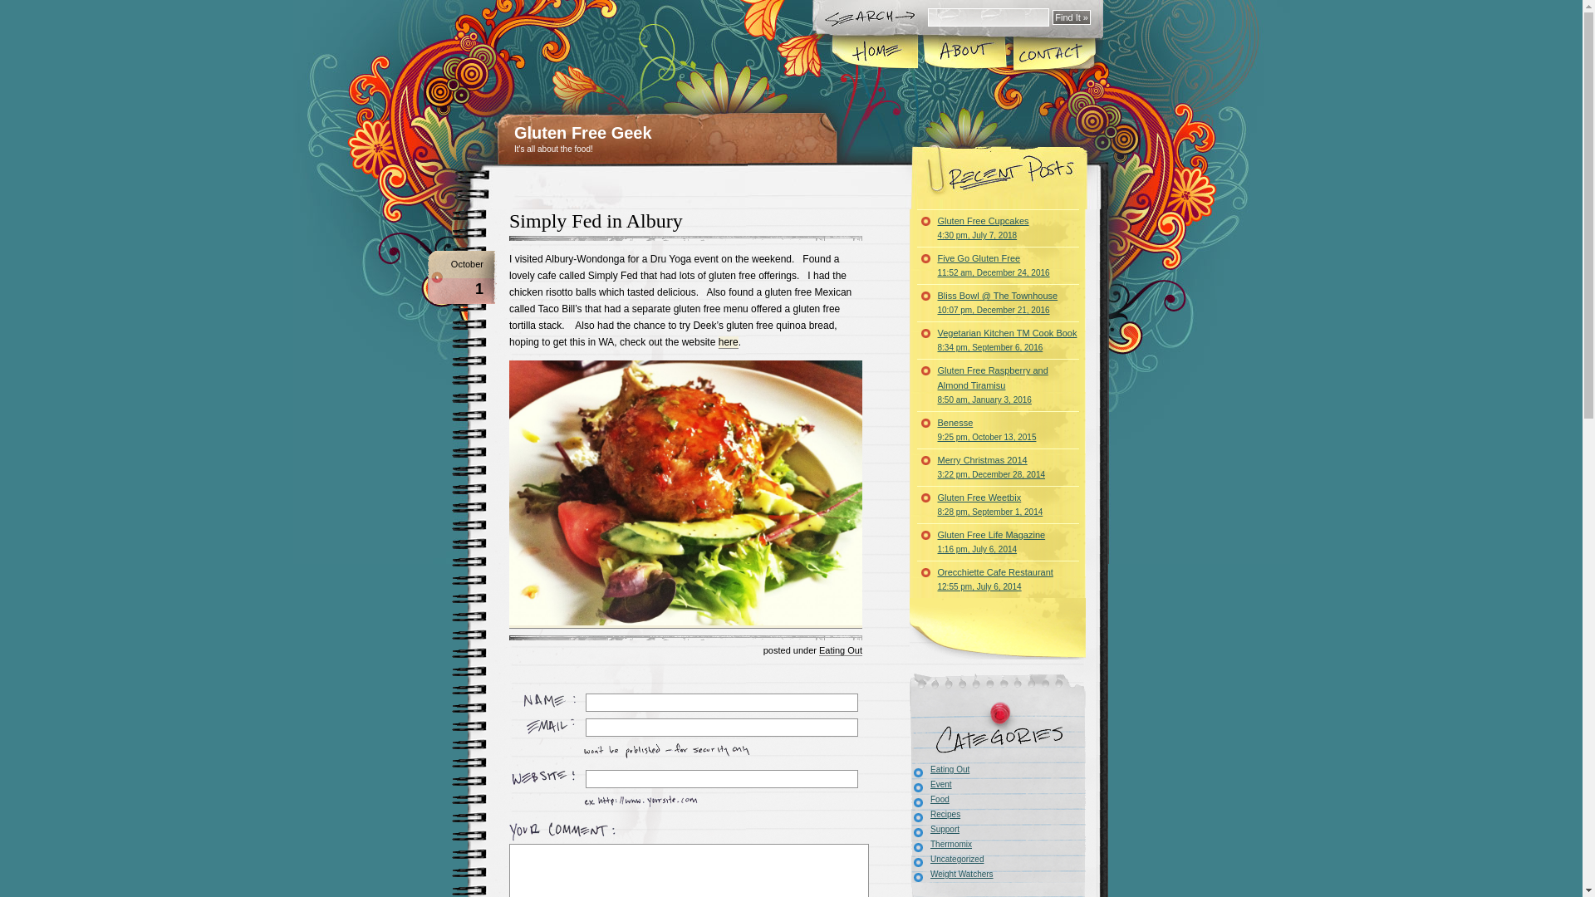 Image resolution: width=1595 pixels, height=897 pixels. What do you see at coordinates (935, 813) in the screenshot?
I see `'Recipes'` at bounding box center [935, 813].